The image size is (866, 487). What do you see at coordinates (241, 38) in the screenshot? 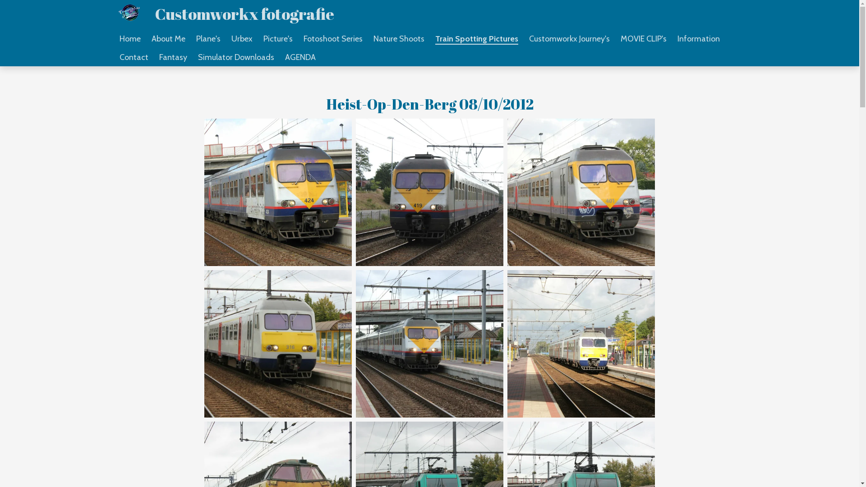
I see `'Urbex'` at bounding box center [241, 38].